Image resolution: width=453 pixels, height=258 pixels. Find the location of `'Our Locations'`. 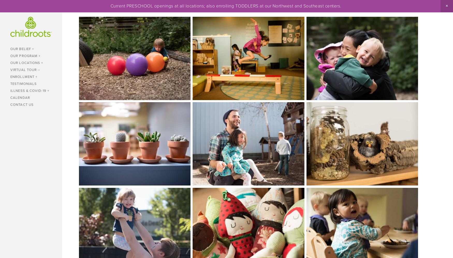

'Our Locations' is located at coordinates (25, 62).